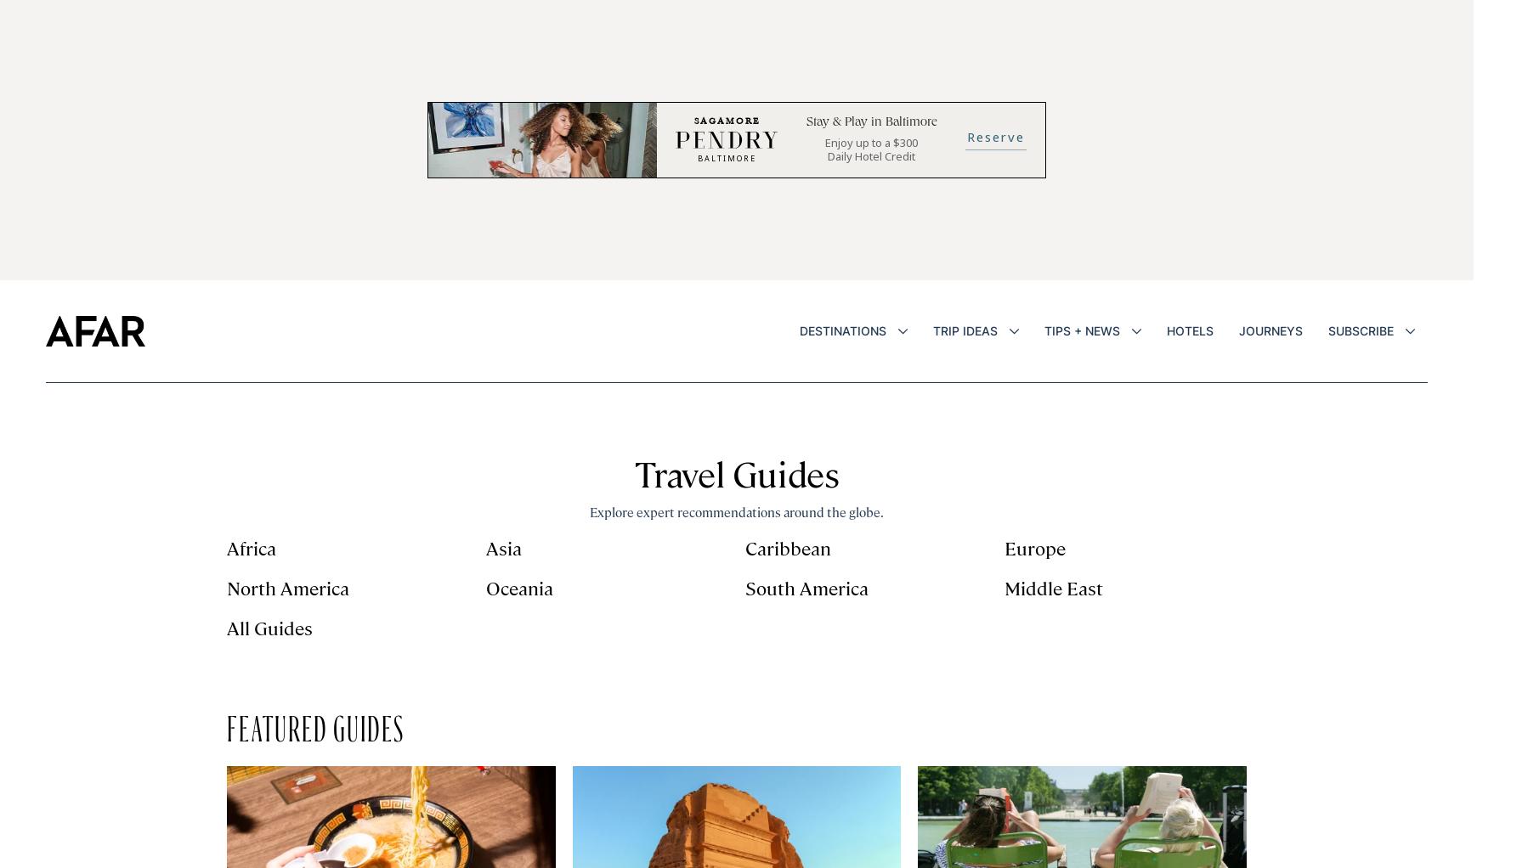 The height and width of the screenshot is (868, 1528). What do you see at coordinates (1269, 454) in the screenshot?
I see `'Cruise News'` at bounding box center [1269, 454].